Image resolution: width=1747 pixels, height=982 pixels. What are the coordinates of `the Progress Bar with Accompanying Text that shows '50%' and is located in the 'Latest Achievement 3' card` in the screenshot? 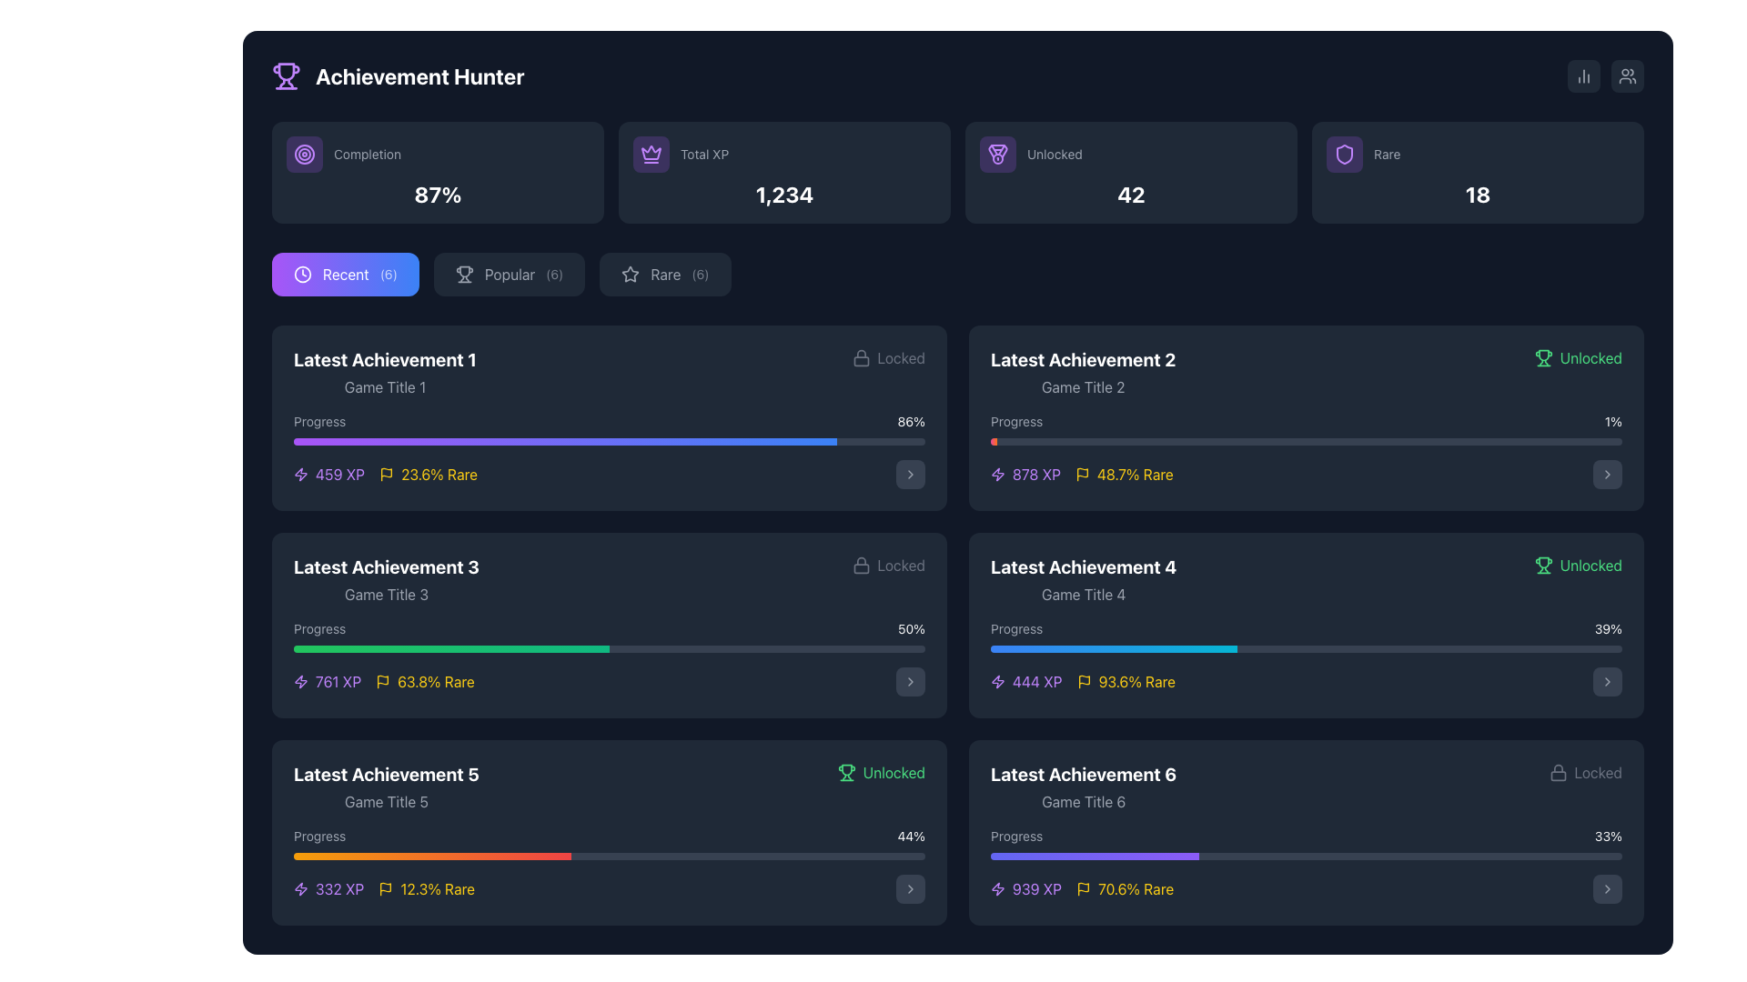 It's located at (610, 658).